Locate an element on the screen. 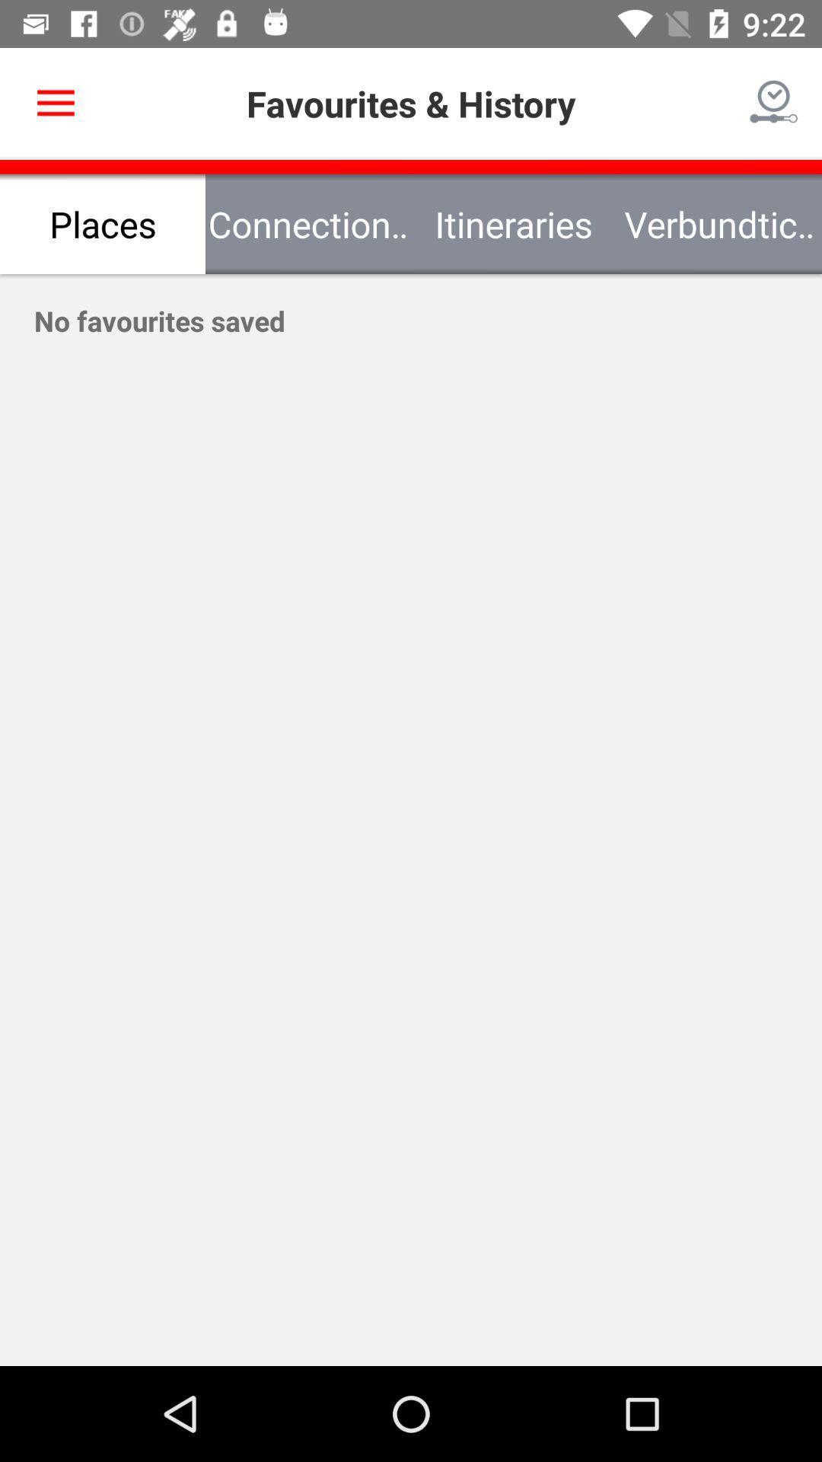 This screenshot has height=1462, width=822. the itineraries icon is located at coordinates (514, 223).